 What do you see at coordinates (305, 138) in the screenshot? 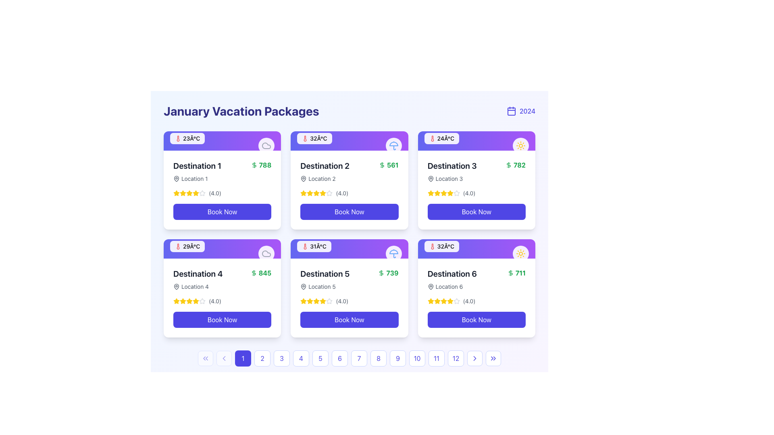
I see `the thermometer icon located in the top left corner of the card labeled 'Destination 2', which visually represents the temperature associated with that destination` at bounding box center [305, 138].